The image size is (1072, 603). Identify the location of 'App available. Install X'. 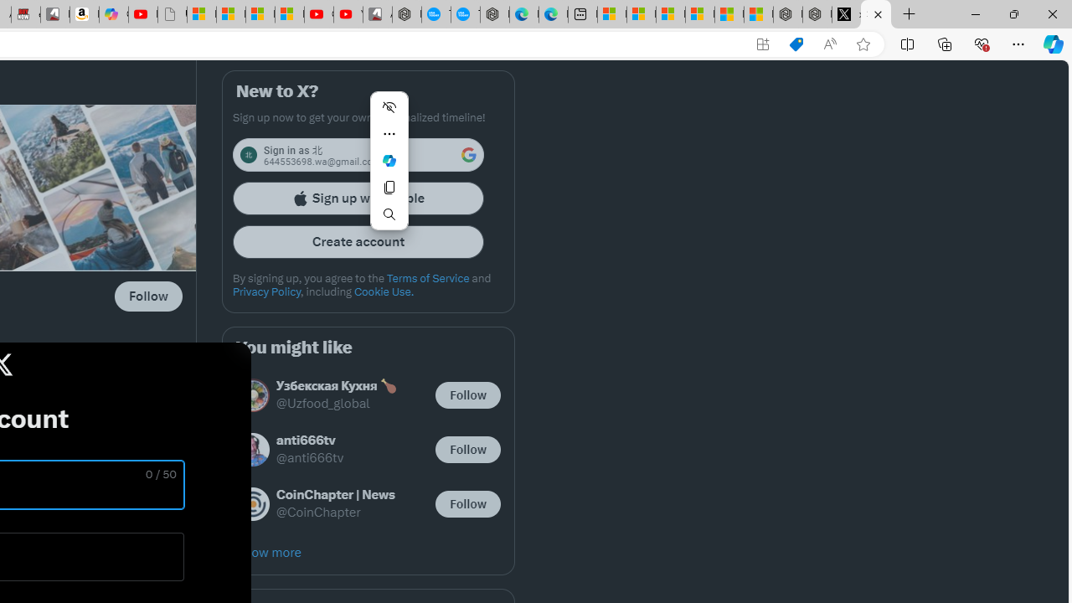
(761, 44).